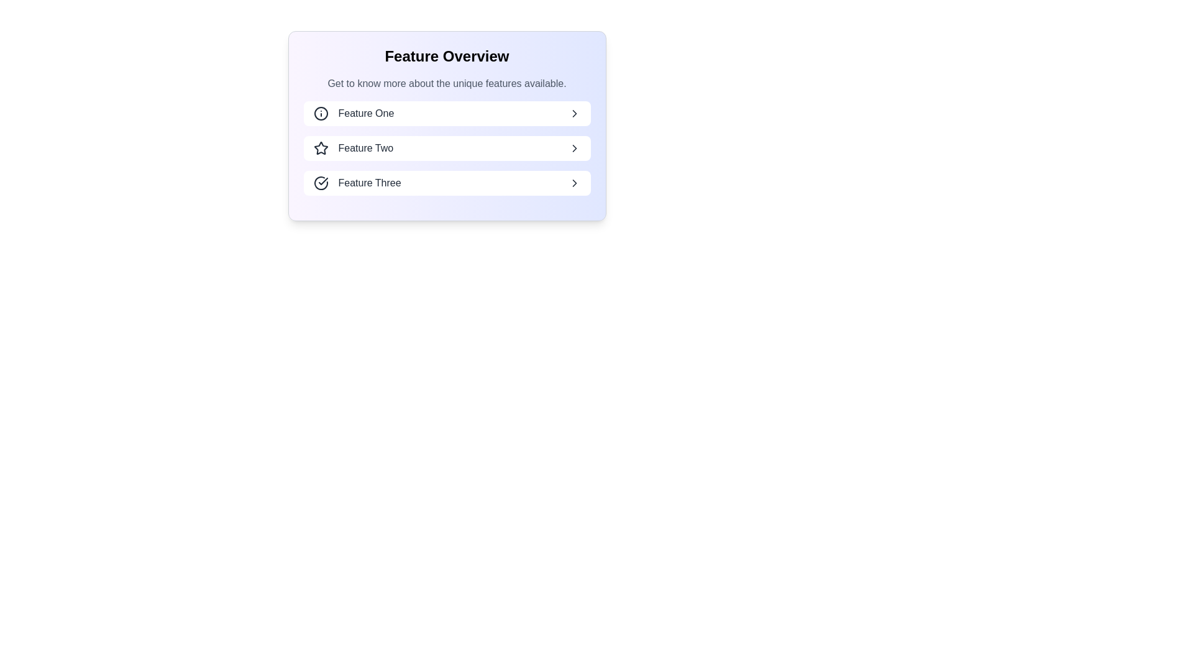 The image size is (1193, 671). What do you see at coordinates (574, 113) in the screenshot?
I see `the Chevron icon located at the far right of the first list item labeled 'Feature One' in the 'Feature Overview' section` at bounding box center [574, 113].